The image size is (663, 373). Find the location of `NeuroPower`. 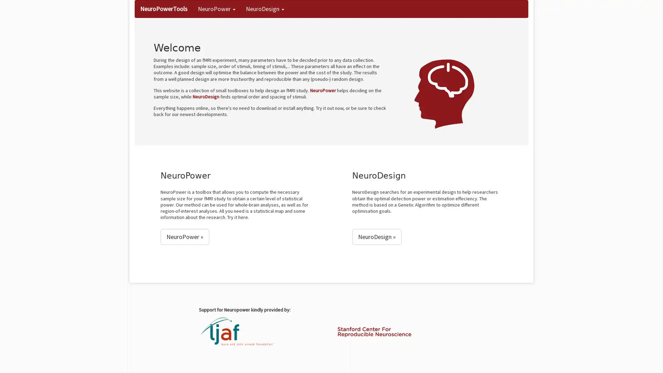

NeuroPower is located at coordinates (185, 237).